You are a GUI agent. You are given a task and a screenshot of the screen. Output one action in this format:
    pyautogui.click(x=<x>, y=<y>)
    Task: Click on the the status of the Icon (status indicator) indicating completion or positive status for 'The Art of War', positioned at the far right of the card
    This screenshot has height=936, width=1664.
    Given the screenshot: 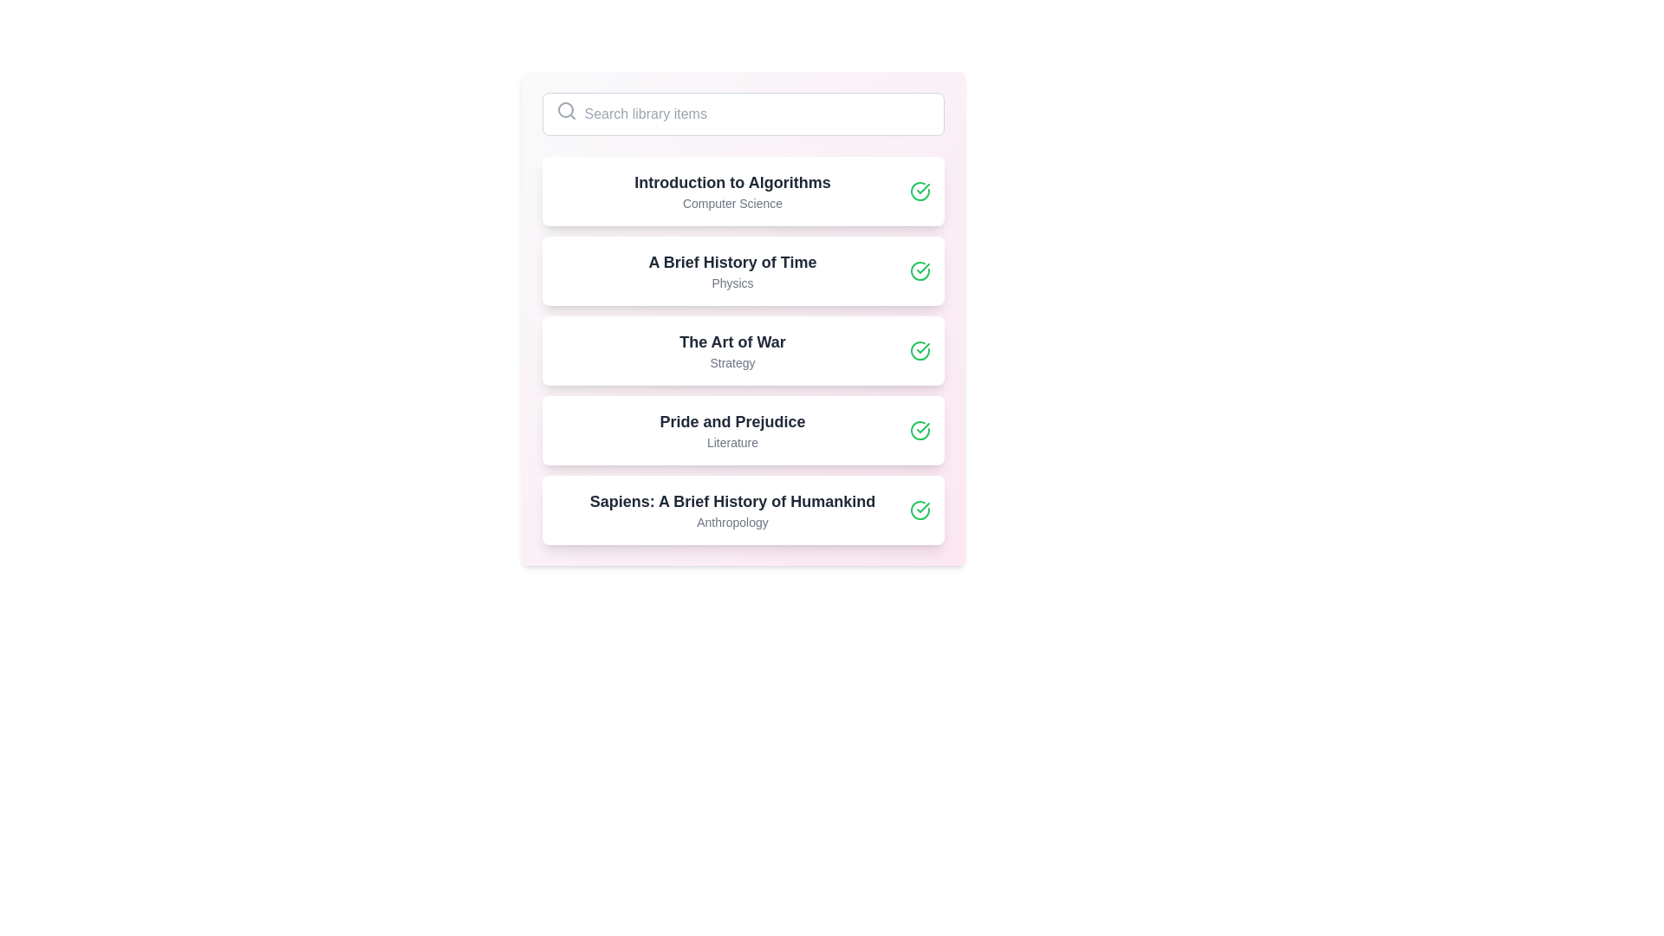 What is the action you would take?
    pyautogui.click(x=919, y=351)
    